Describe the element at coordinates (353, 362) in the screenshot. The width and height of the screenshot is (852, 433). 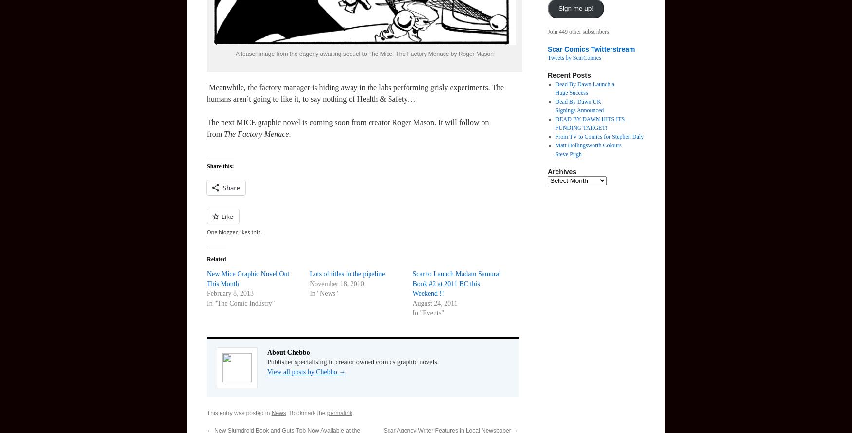
I see `'Publisher specialising in creator owned comics graphic novels.'` at that location.